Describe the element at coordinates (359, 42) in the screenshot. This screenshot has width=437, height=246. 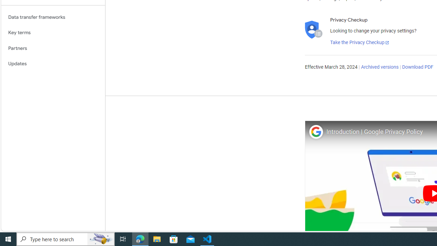
I see `'Take the Privacy Checkup'` at that location.